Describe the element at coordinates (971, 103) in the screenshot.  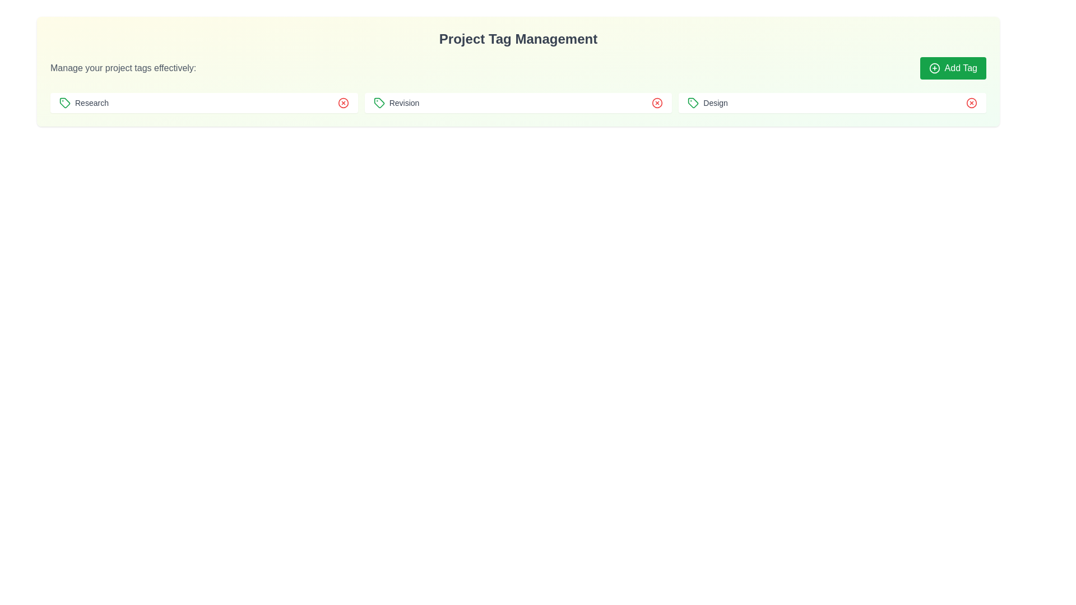
I see `the icon of the 'Remove Tag' button, which is part of the visual composition indicating the remove action, located at the right end of the 'Design' tag entry row` at that location.